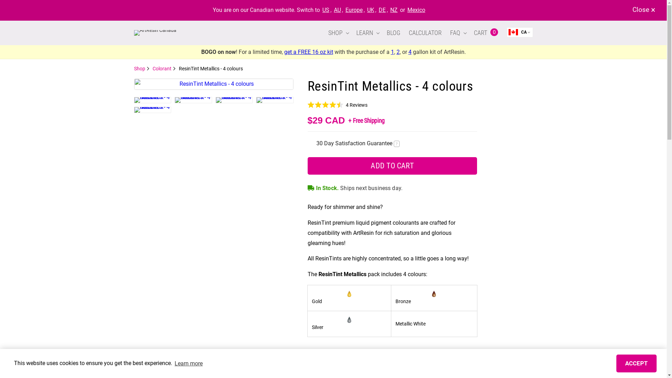  What do you see at coordinates (284, 51) in the screenshot?
I see `'get a FREE 16 oz kit'` at bounding box center [284, 51].